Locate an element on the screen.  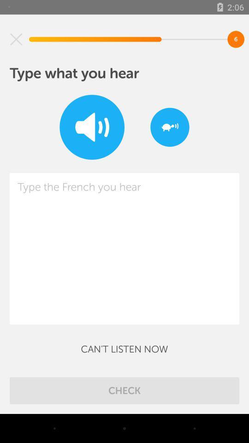
the star icon is located at coordinates (16, 39).